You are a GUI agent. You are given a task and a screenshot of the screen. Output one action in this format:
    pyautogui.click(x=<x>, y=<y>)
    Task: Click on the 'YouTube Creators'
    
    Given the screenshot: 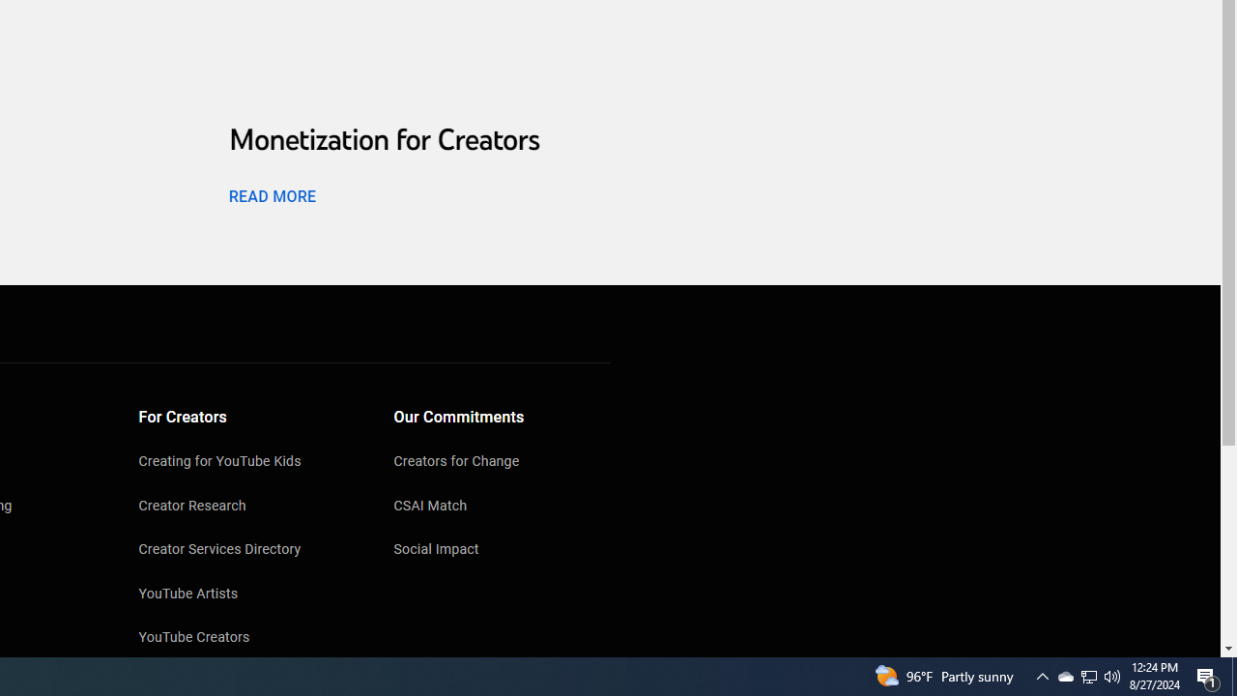 What is the action you would take?
    pyautogui.click(x=246, y=639)
    